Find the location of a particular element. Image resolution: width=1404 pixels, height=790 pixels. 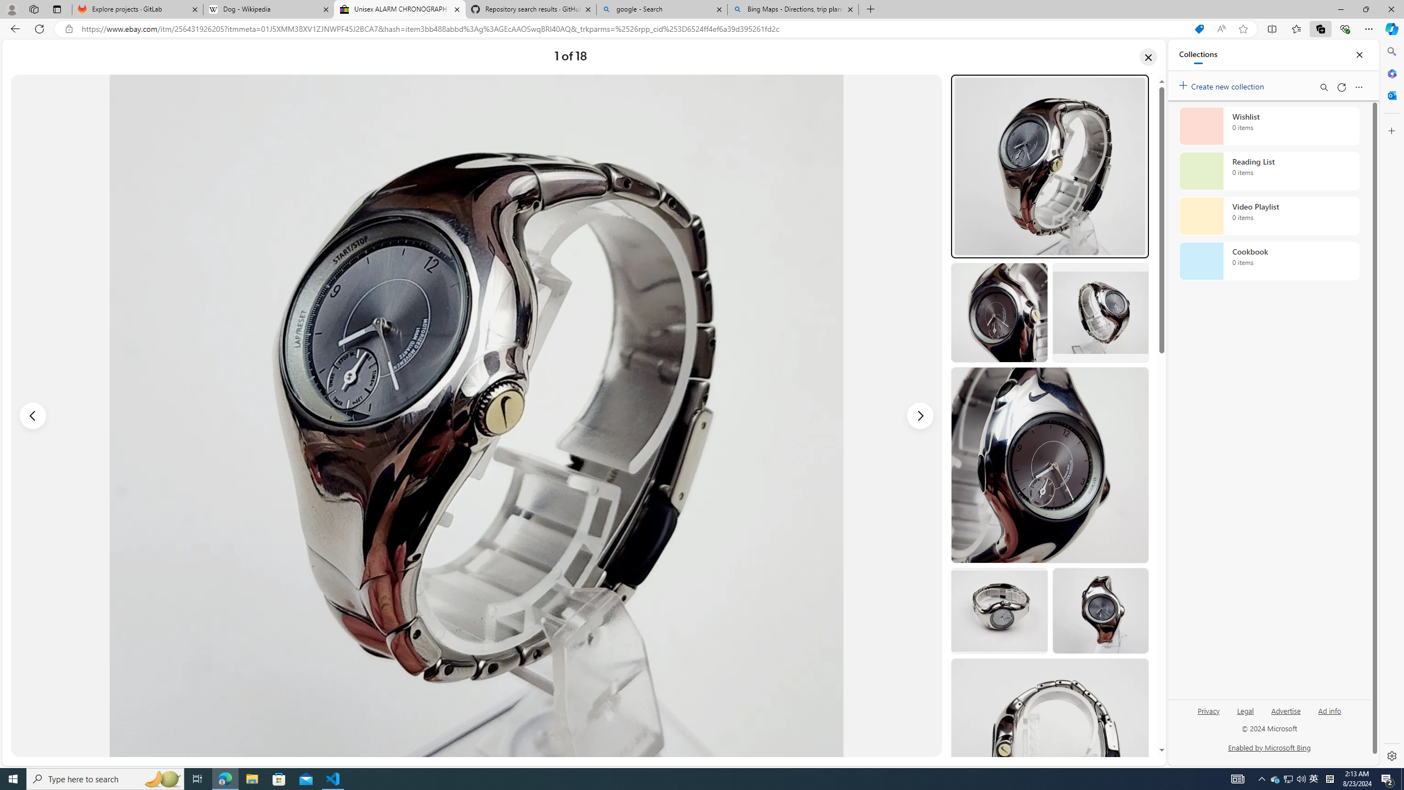

'Create new collection' is located at coordinates (1223, 84).